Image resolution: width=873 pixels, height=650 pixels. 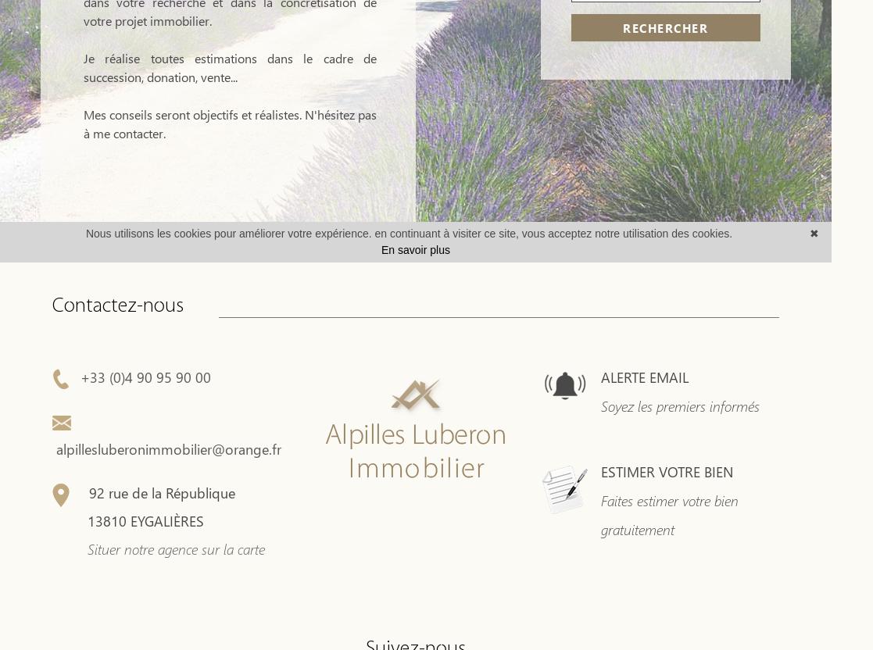 I want to click on '+33 (0)4 90 95 90 00', so click(x=140, y=376).